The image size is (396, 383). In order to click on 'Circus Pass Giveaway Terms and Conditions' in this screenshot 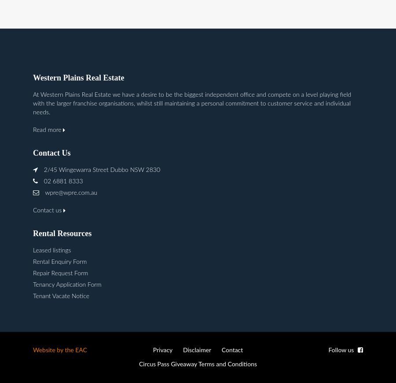, I will do `click(198, 364)`.